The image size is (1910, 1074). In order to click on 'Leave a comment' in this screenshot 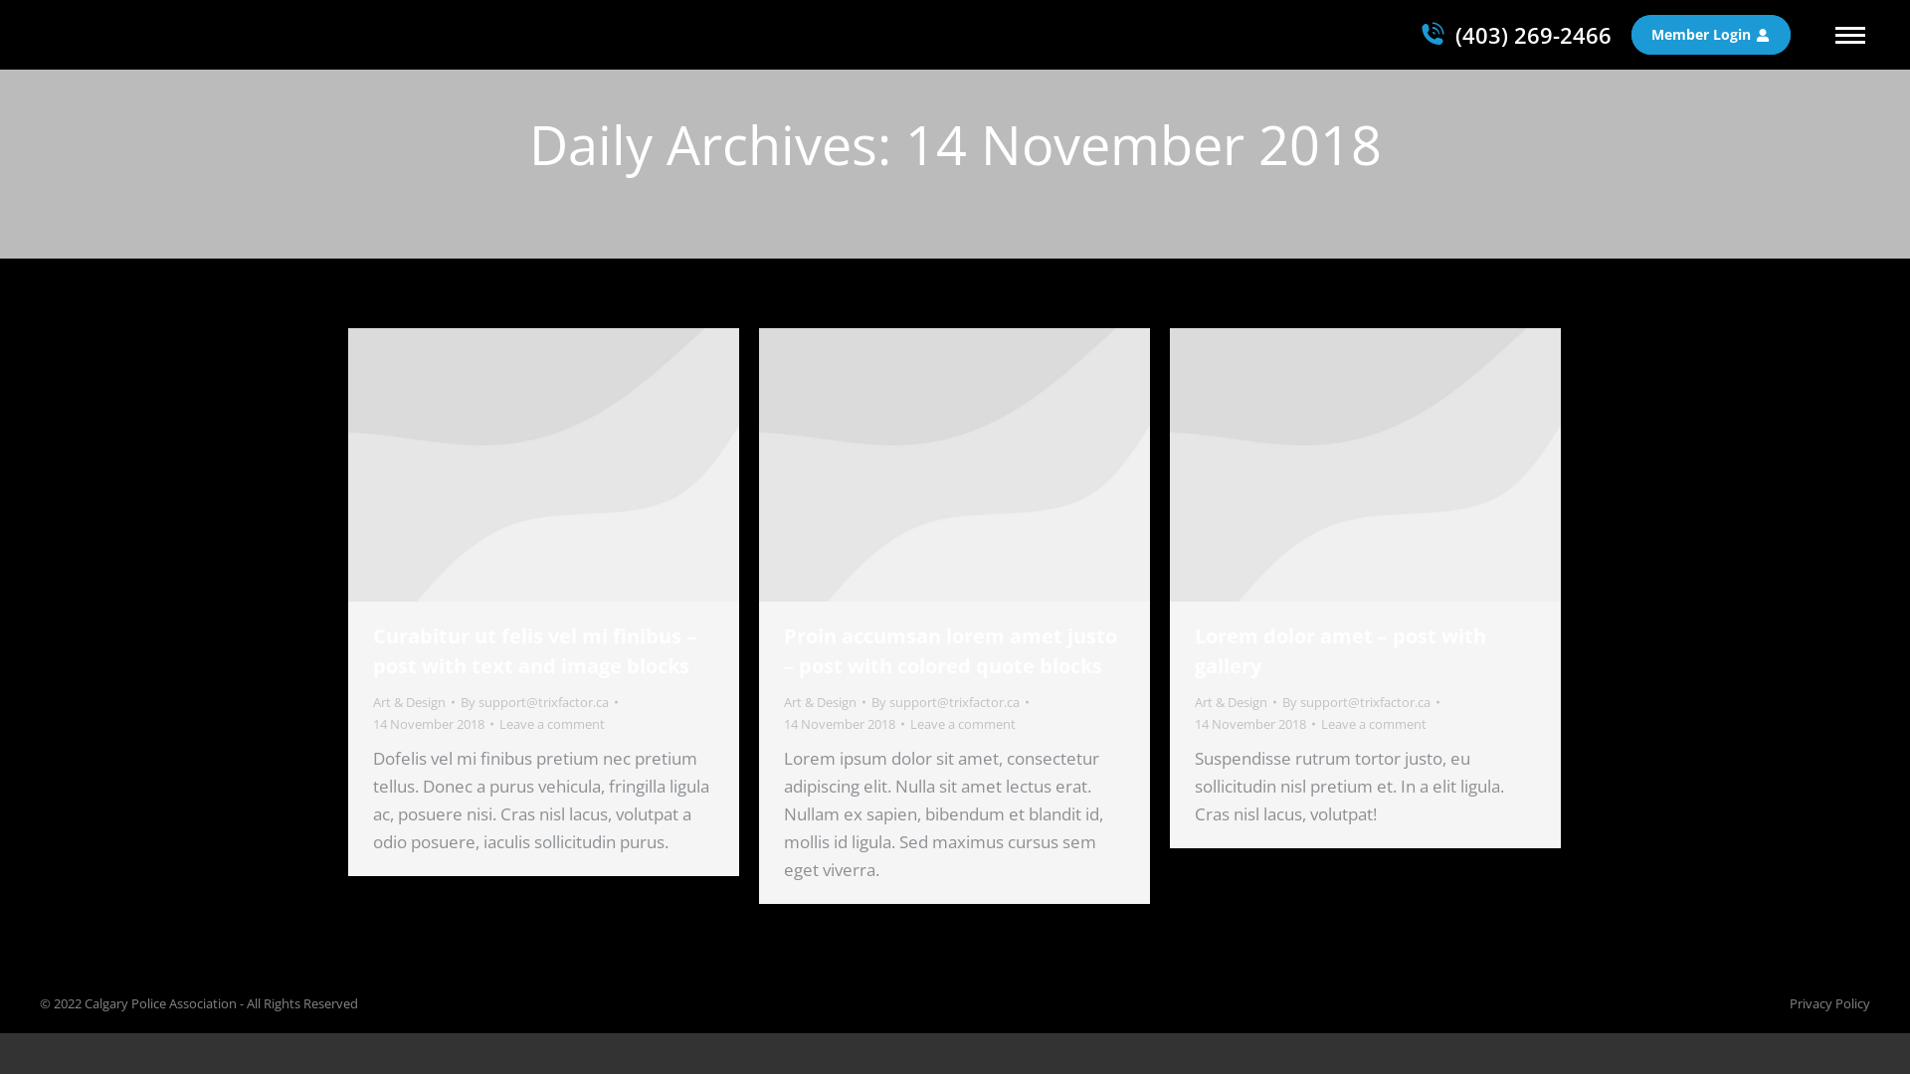, I will do `click(552, 724)`.